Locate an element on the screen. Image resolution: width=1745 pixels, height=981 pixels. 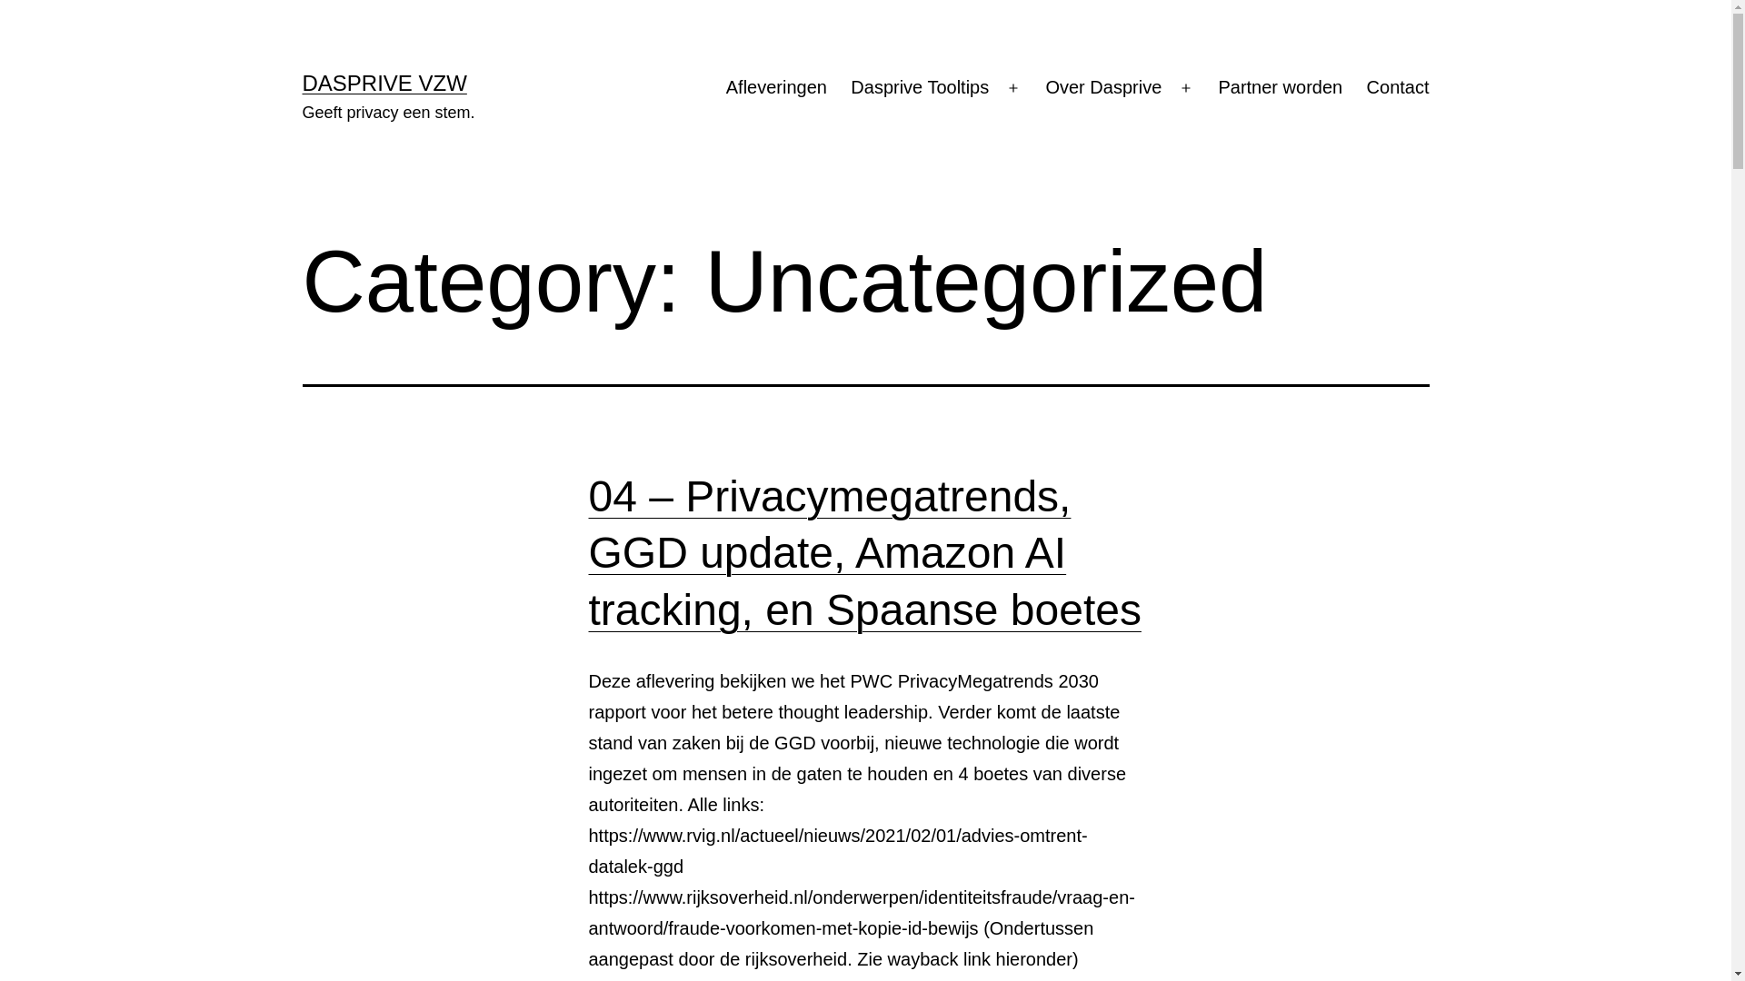
'Contact' is located at coordinates (1396, 87).